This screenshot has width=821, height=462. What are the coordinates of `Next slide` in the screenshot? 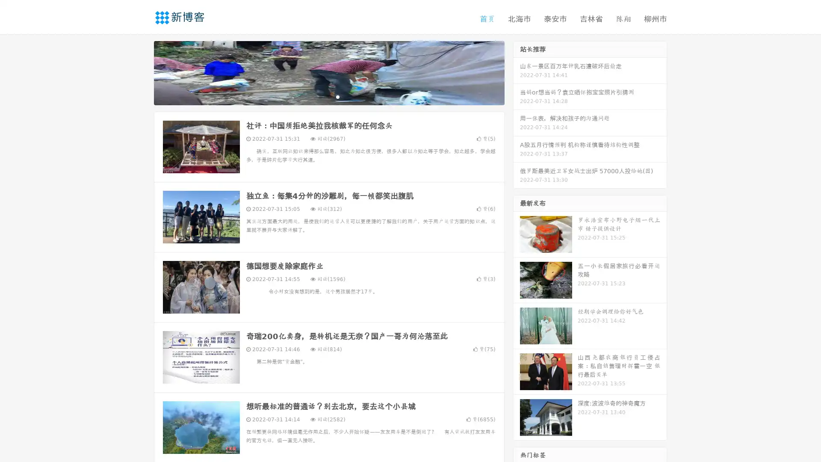 It's located at (517, 72).